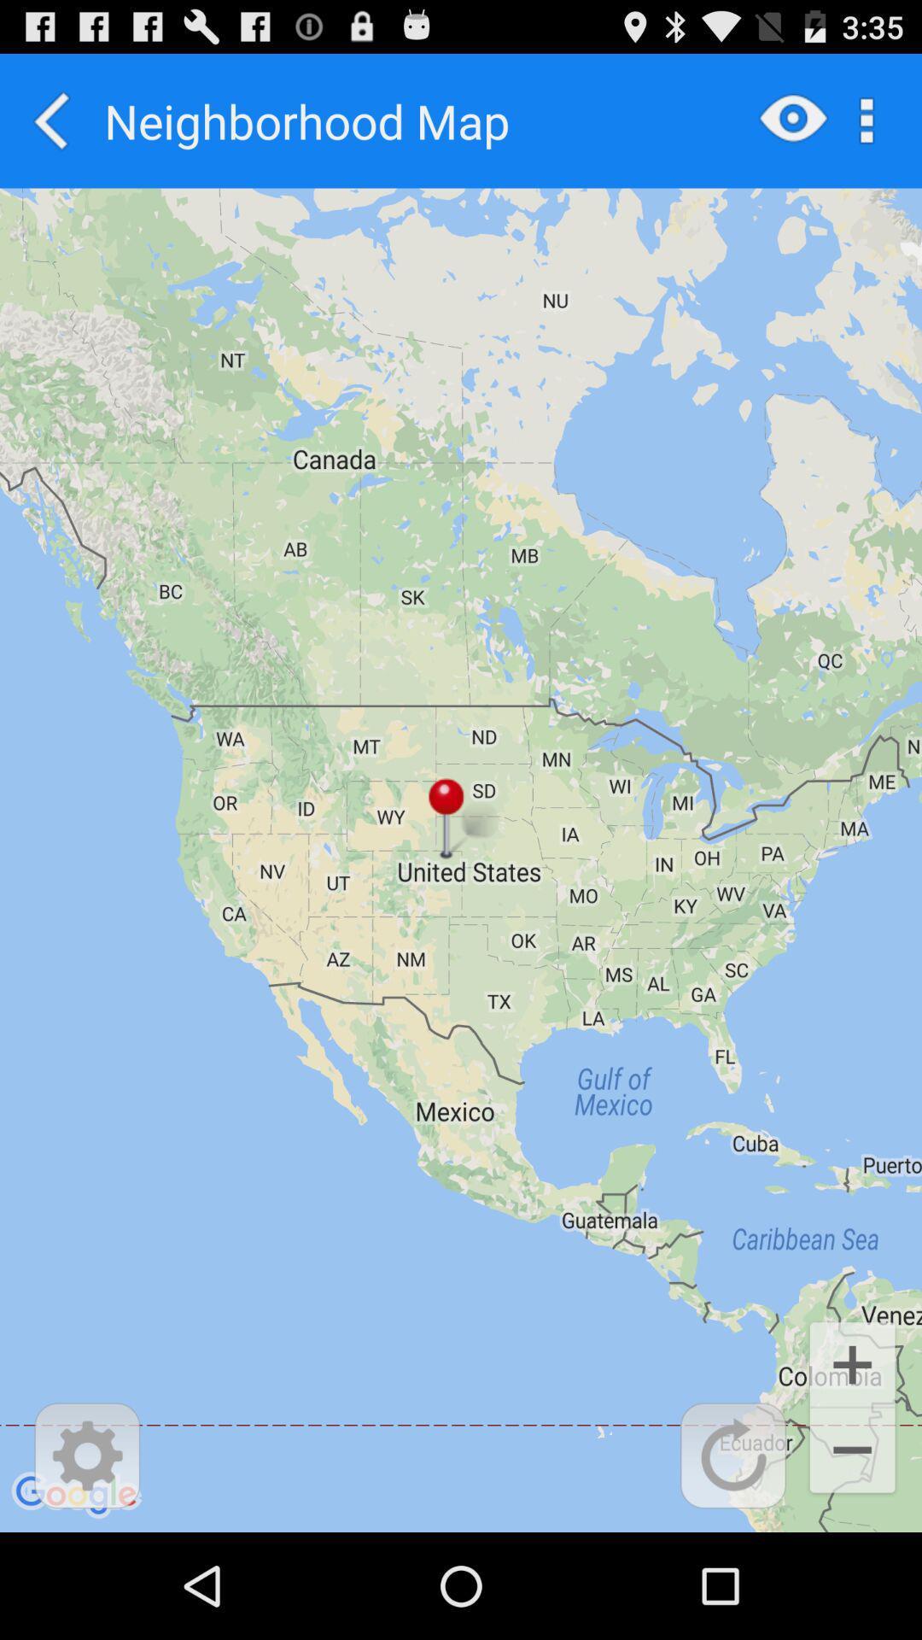  What do you see at coordinates (51, 128) in the screenshot?
I see `the arrow_backward icon` at bounding box center [51, 128].